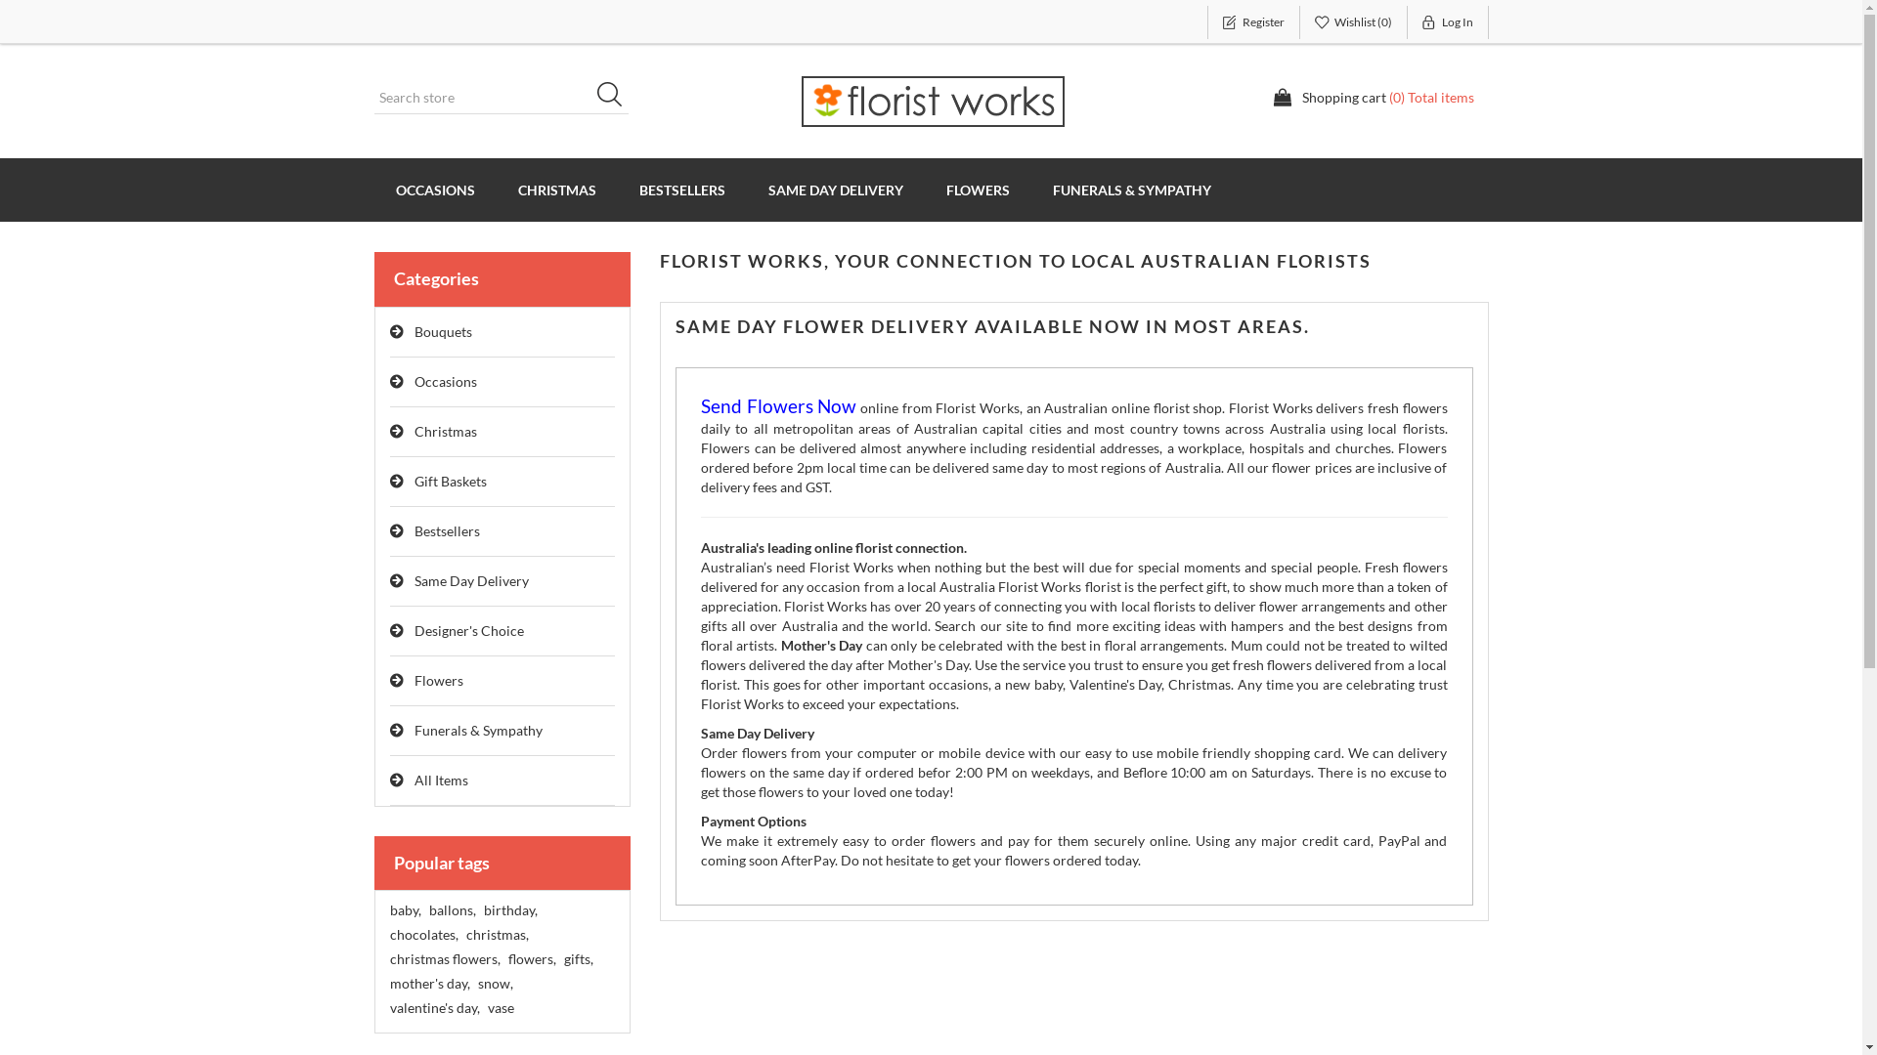 This screenshot has height=1055, width=1877. What do you see at coordinates (497, 190) in the screenshot?
I see `'CHRISTMAS'` at bounding box center [497, 190].